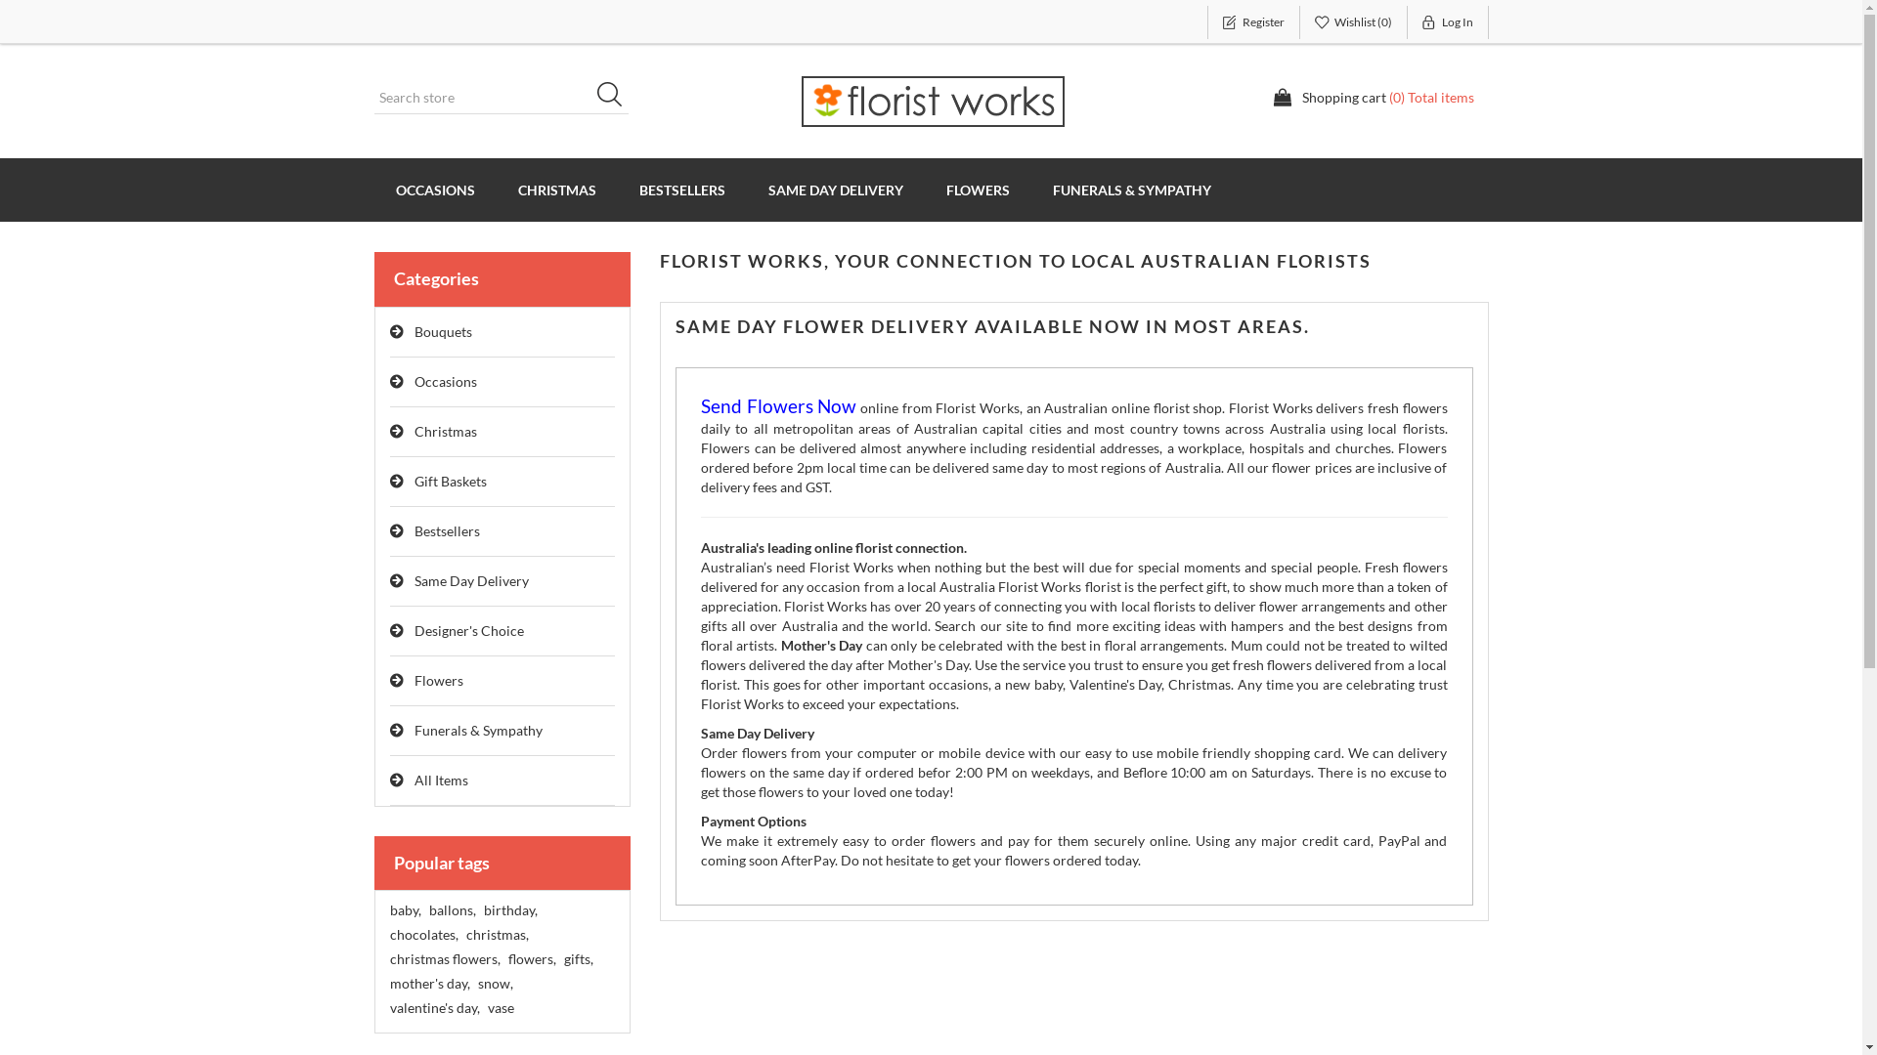 This screenshot has height=1055, width=1877. What do you see at coordinates (497, 190) in the screenshot?
I see `'CHRISTMAS'` at bounding box center [497, 190].